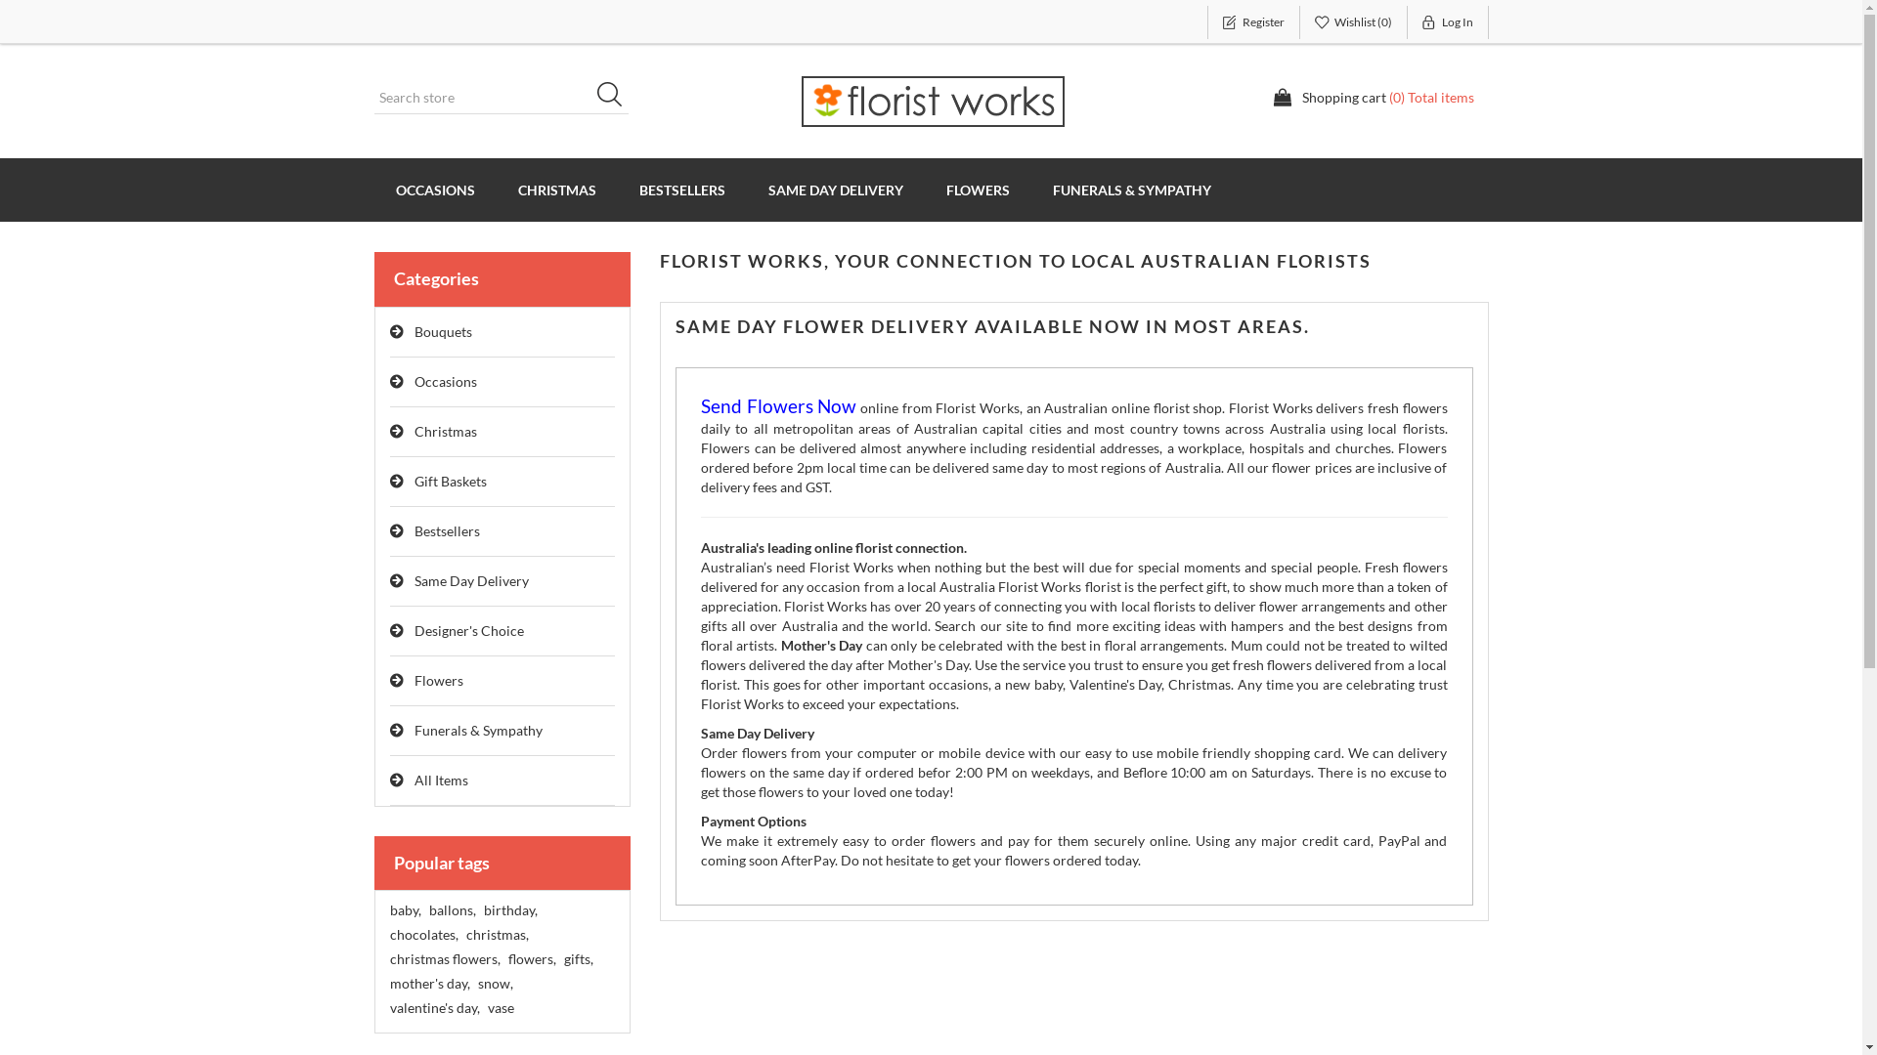 This screenshot has height=1055, width=1877. What do you see at coordinates (497, 190) in the screenshot?
I see `'CHRISTMAS'` at bounding box center [497, 190].